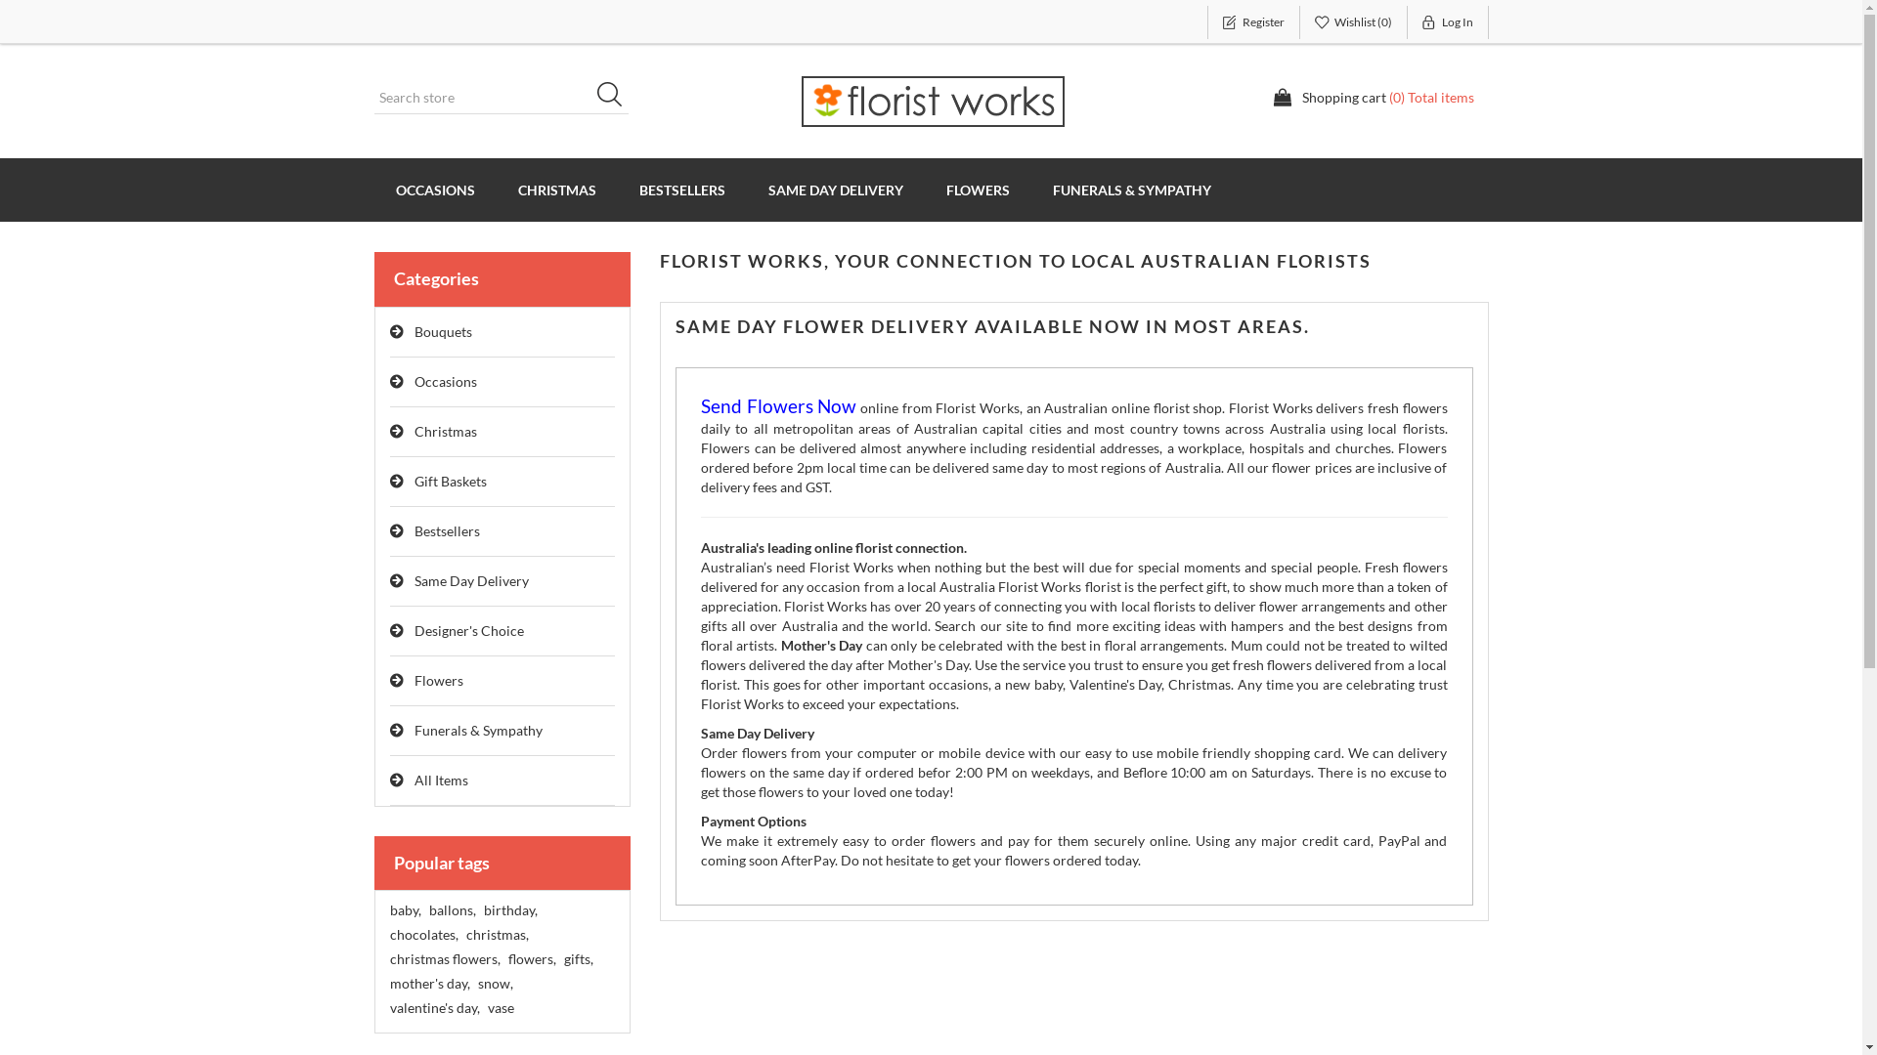 This screenshot has height=1055, width=1877. What do you see at coordinates (497, 190) in the screenshot?
I see `'CHRISTMAS'` at bounding box center [497, 190].